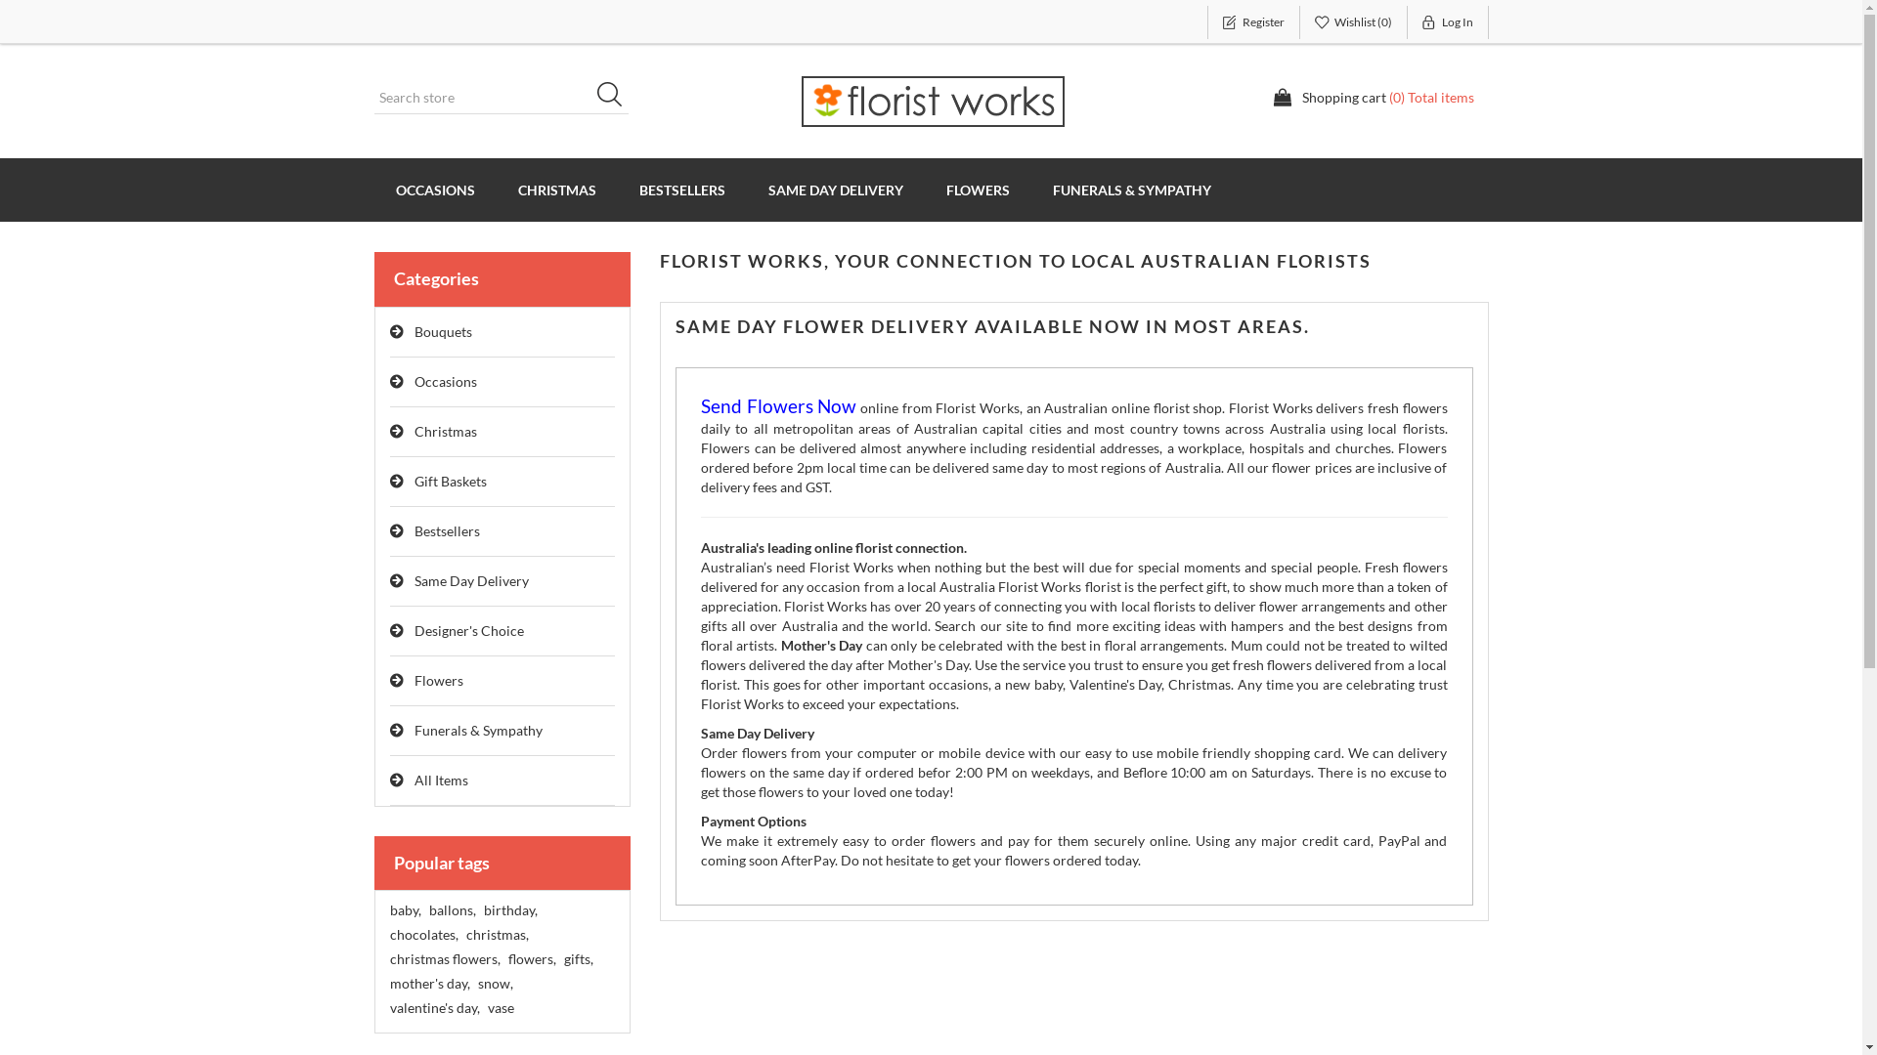 This screenshot has height=1055, width=1877. What do you see at coordinates (497, 190) in the screenshot?
I see `'CHRISTMAS'` at bounding box center [497, 190].